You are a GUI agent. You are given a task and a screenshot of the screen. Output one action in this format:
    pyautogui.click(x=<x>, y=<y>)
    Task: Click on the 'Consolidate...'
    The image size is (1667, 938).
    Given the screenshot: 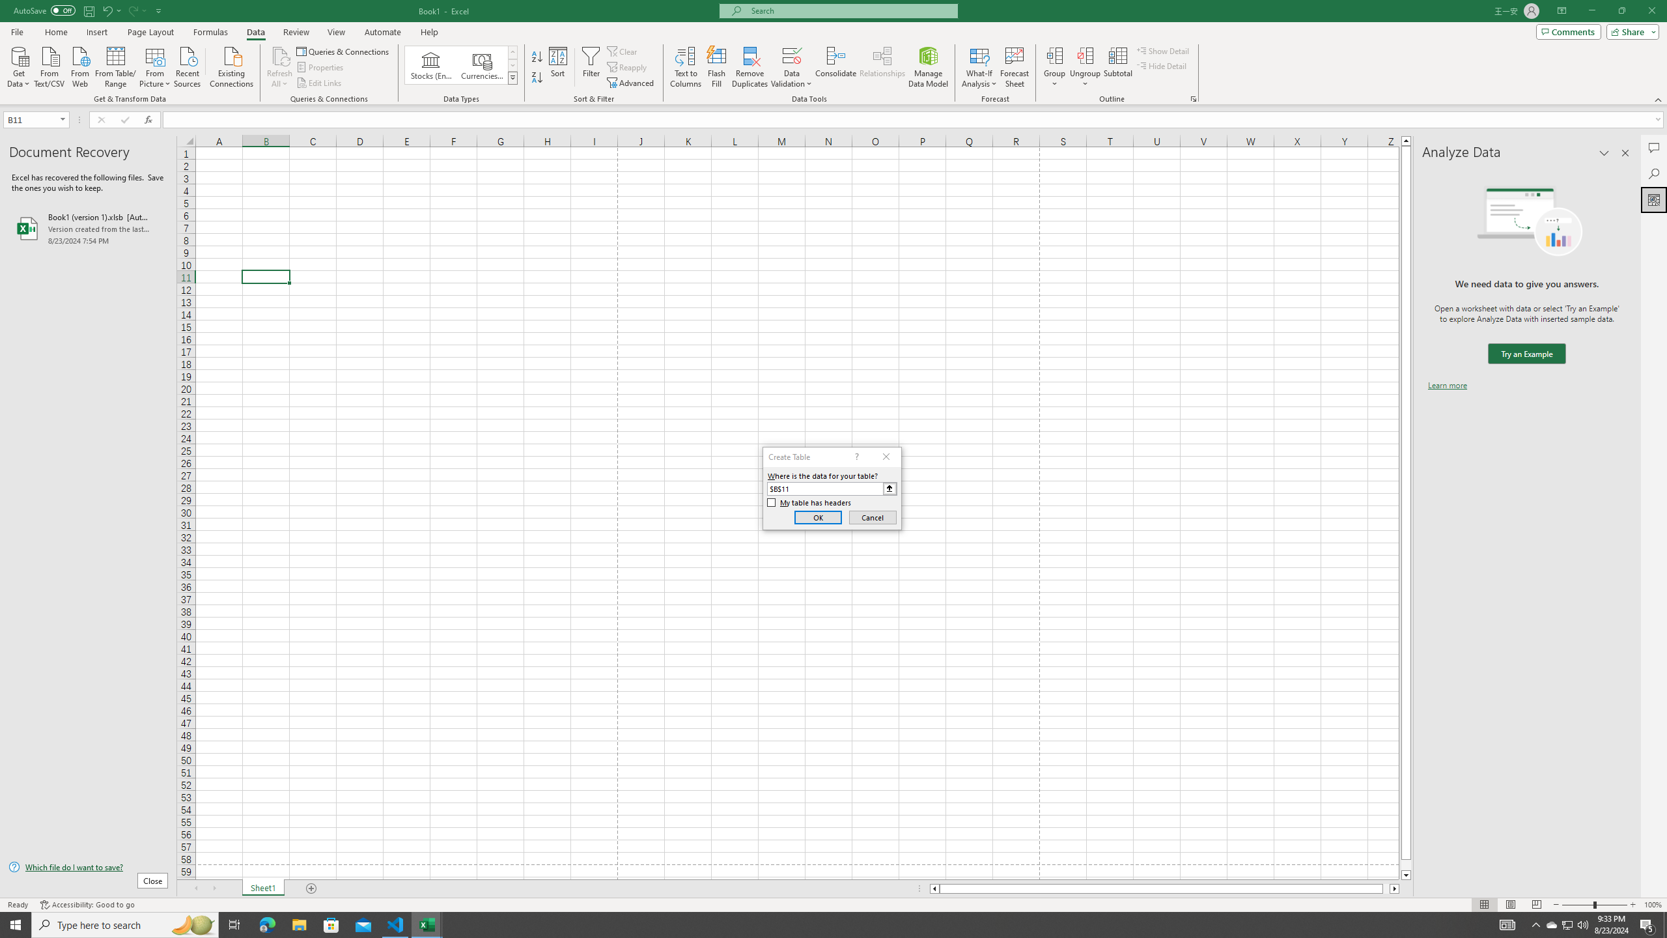 What is the action you would take?
    pyautogui.click(x=835, y=67)
    